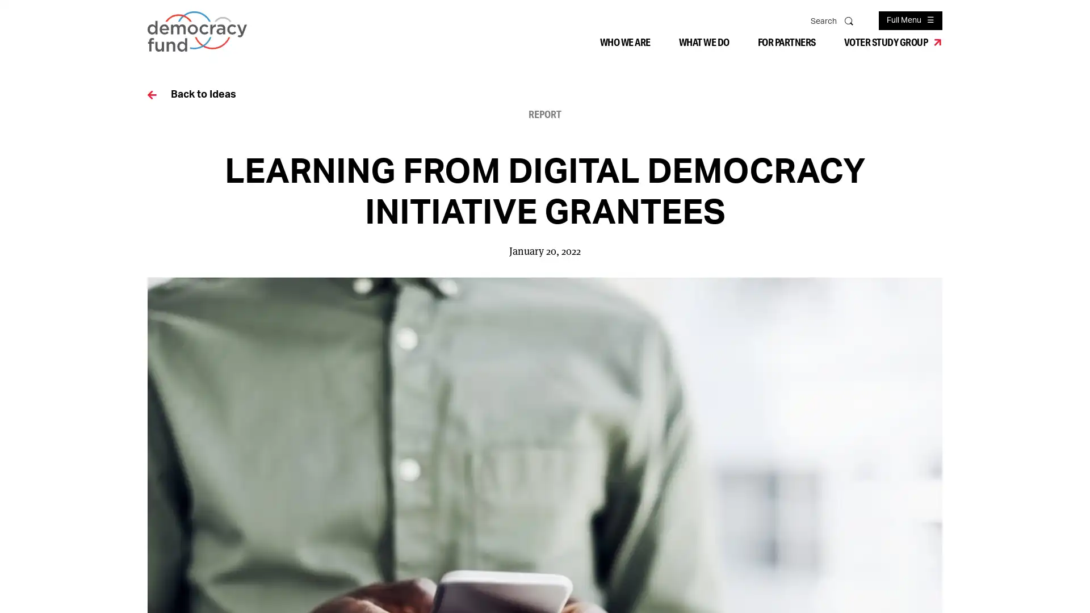 This screenshot has height=613, width=1090. What do you see at coordinates (850, 20) in the screenshot?
I see `Search` at bounding box center [850, 20].